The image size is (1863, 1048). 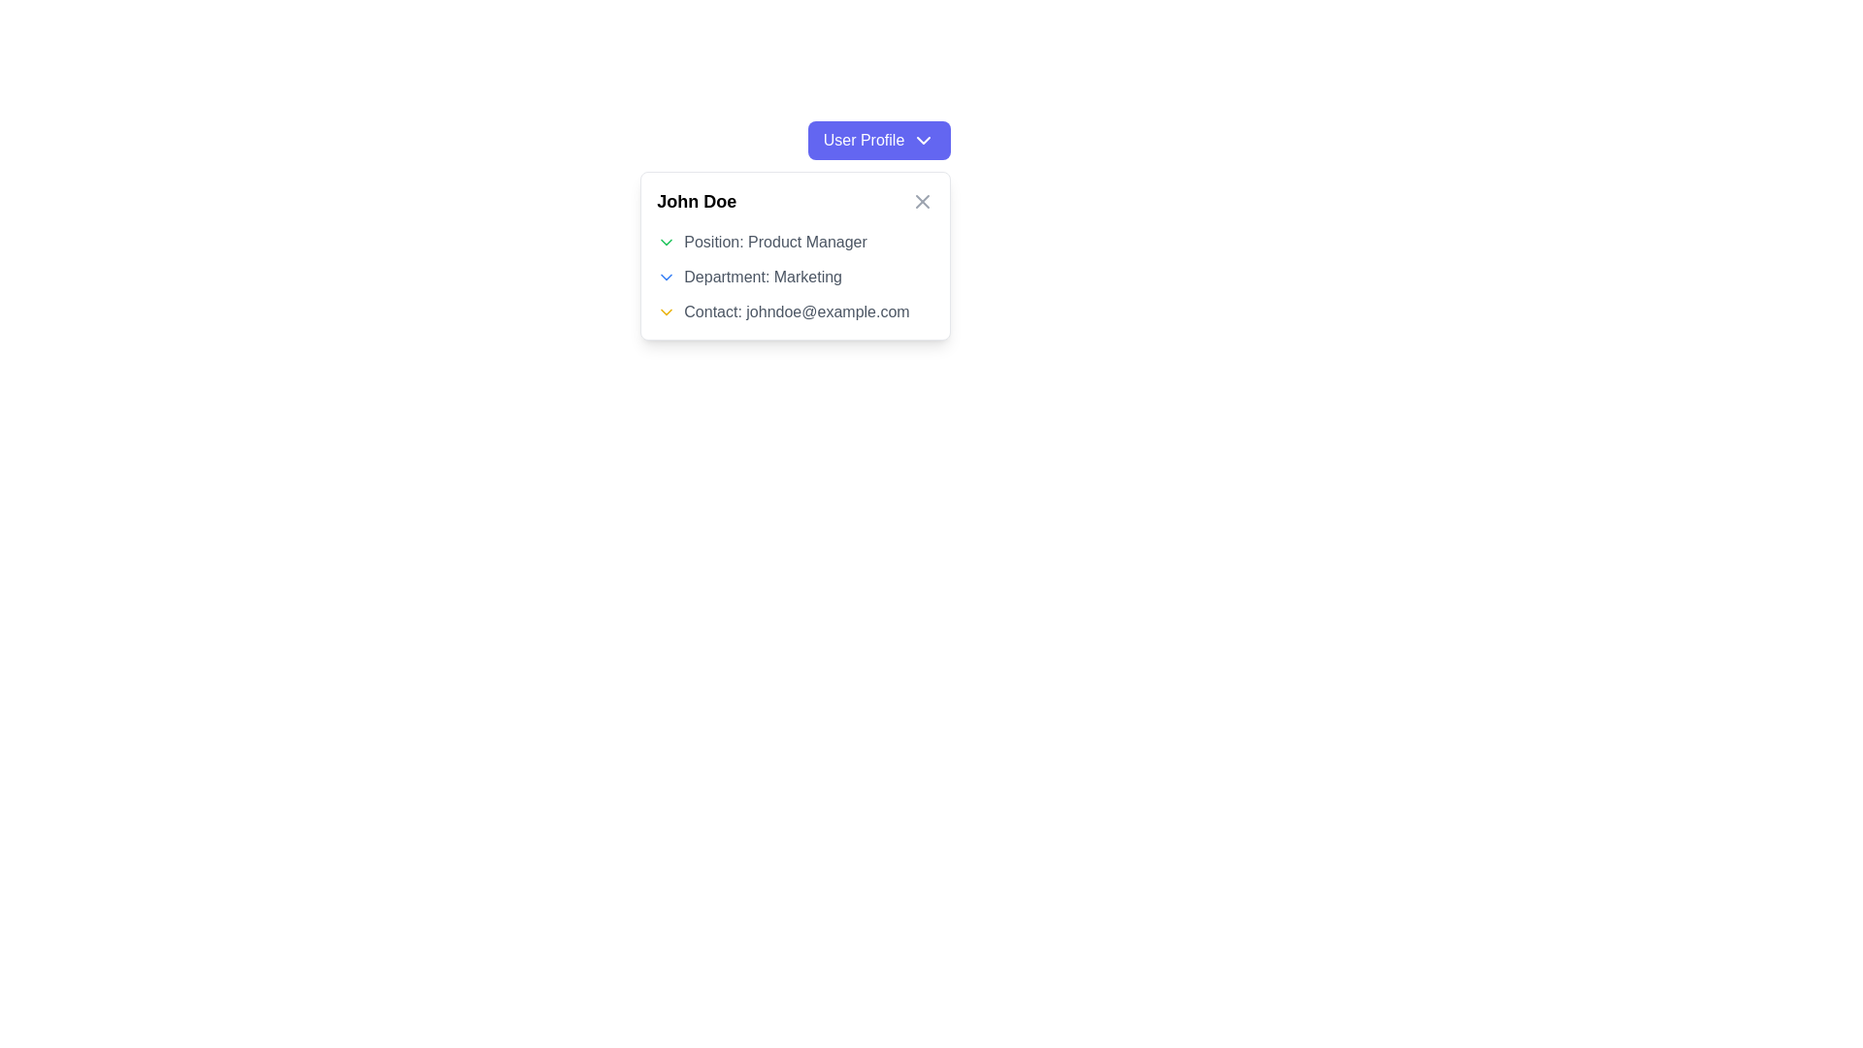 I want to click on the chevron icon located to the left of the text 'Department: Marketing', so click(x=667, y=277).